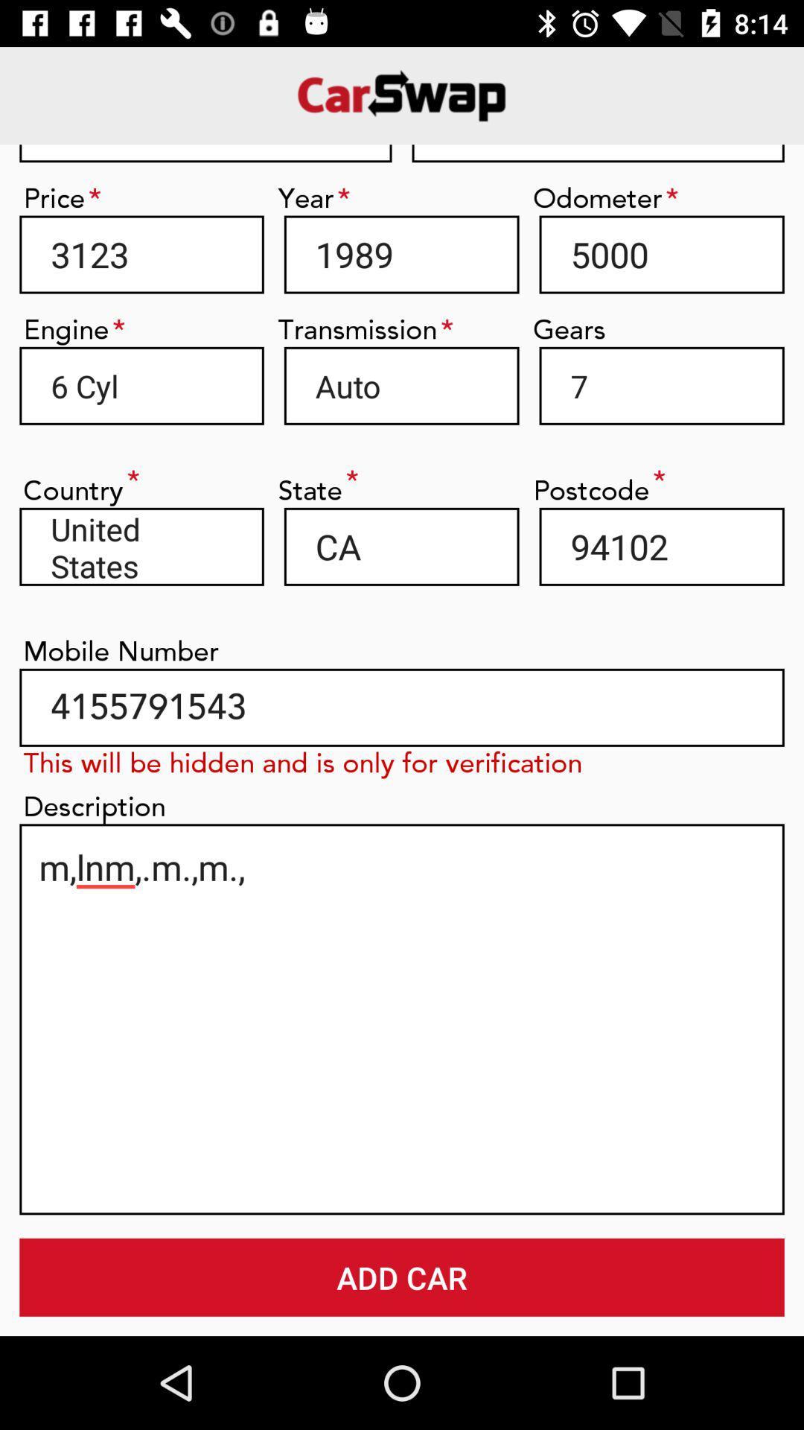 This screenshot has width=804, height=1430. What do you see at coordinates (661, 254) in the screenshot?
I see `item to the right of the 1989` at bounding box center [661, 254].